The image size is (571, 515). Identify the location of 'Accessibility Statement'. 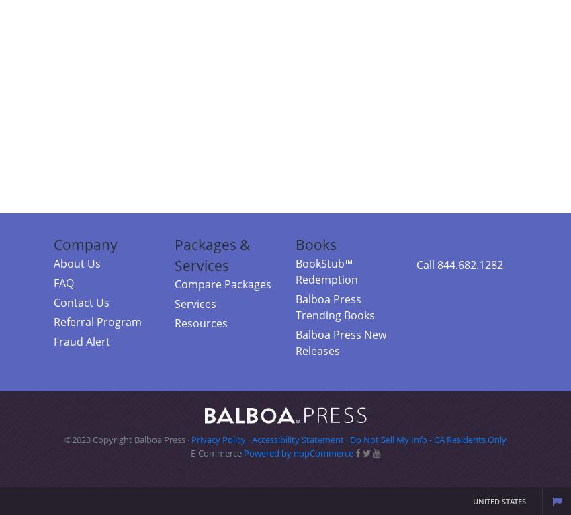
(297, 440).